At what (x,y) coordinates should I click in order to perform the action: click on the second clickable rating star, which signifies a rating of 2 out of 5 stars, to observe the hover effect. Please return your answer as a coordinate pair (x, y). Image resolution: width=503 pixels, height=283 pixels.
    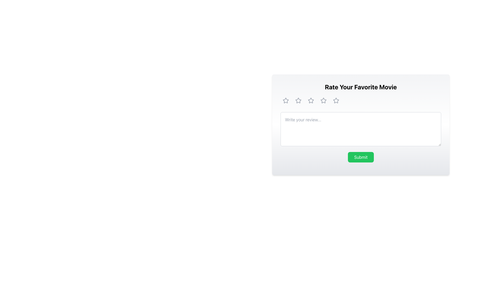
    Looking at the image, I should click on (298, 101).